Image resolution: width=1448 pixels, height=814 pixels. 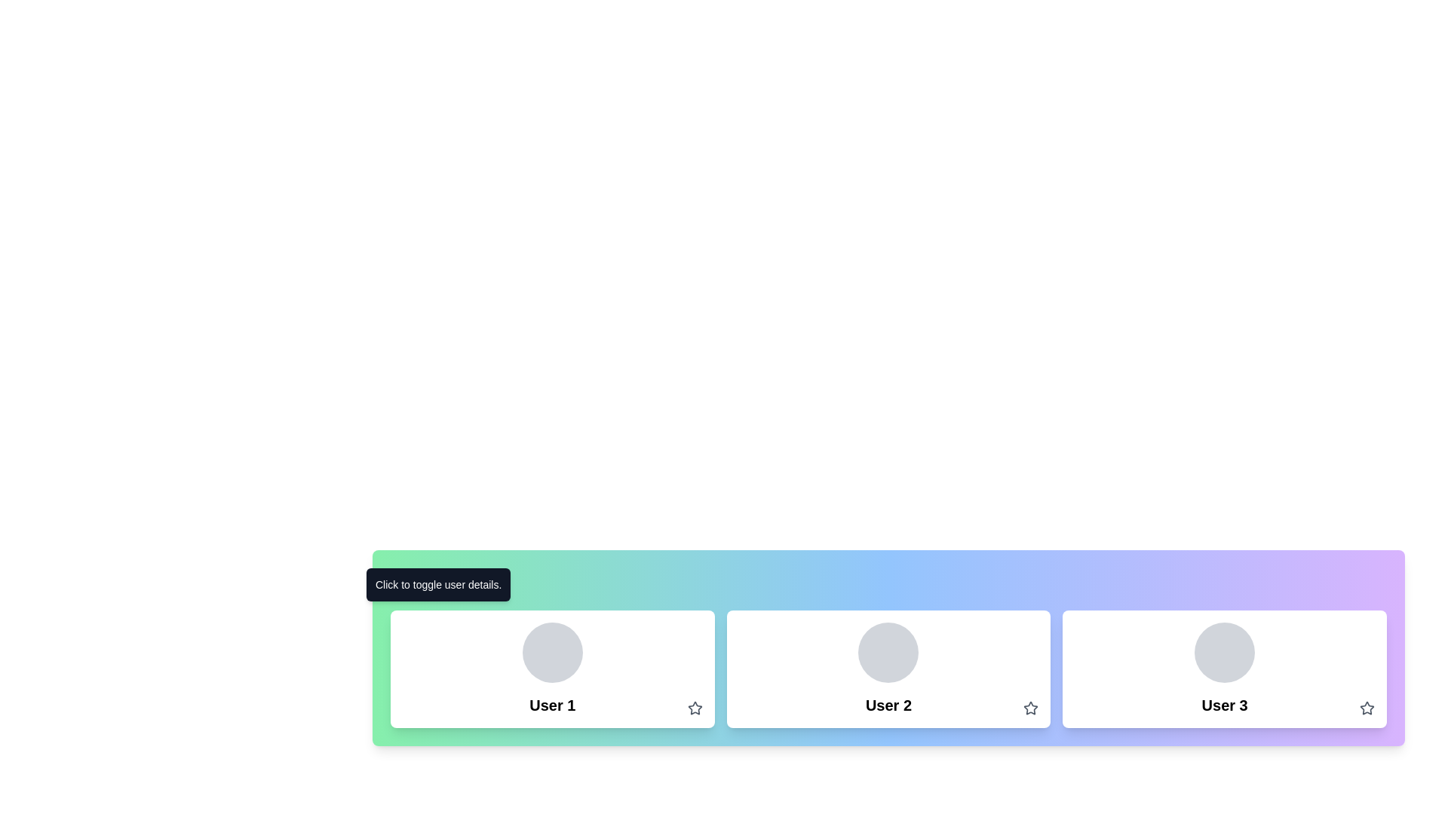 What do you see at coordinates (1030, 708) in the screenshot?
I see `the rating or favoriting icon located in the bottom-right corner of the 'User 2' card to trigger a visual state change` at bounding box center [1030, 708].